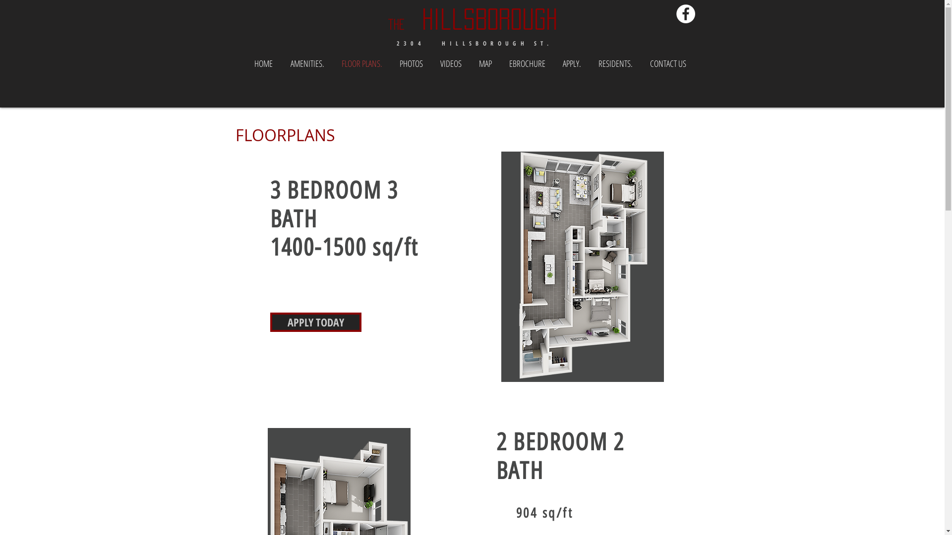  Describe the element at coordinates (450, 63) in the screenshot. I see `'VIDEOS'` at that location.